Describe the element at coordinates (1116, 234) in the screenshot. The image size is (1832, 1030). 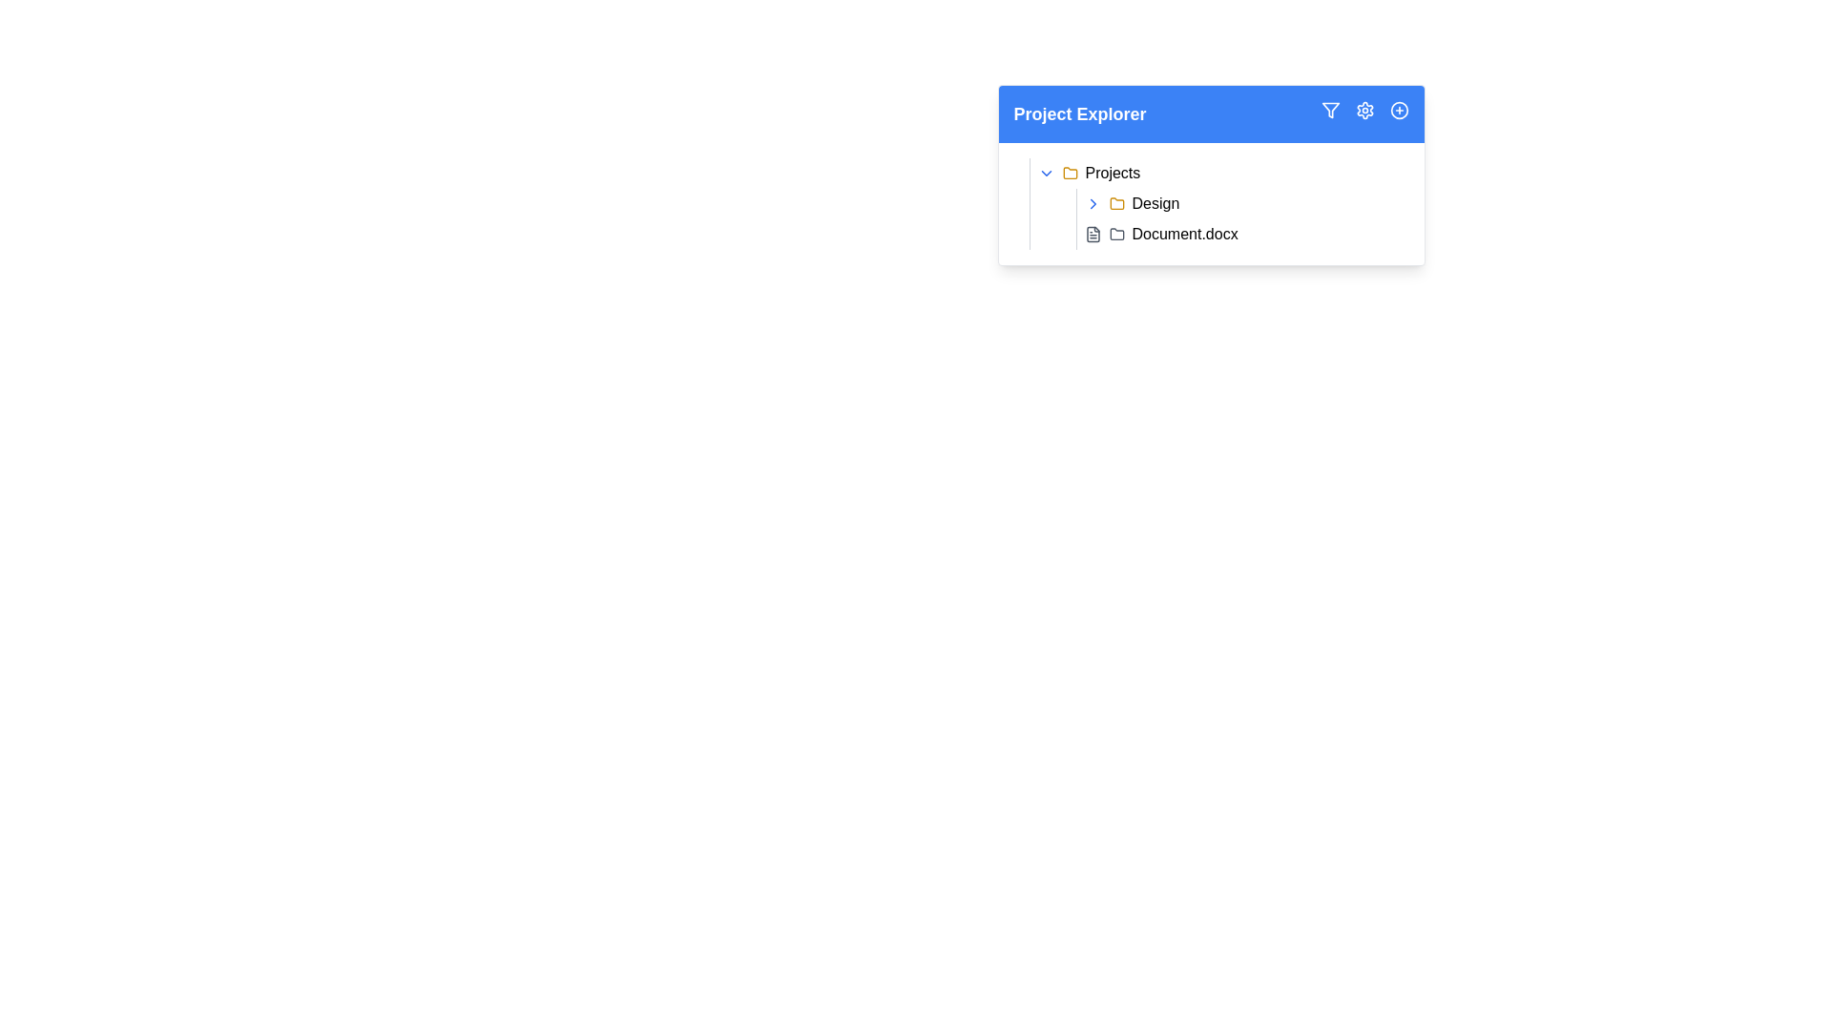
I see `the folder icon indicating the type associated with 'Document.docx', which is the second icon from the left in its row` at that location.